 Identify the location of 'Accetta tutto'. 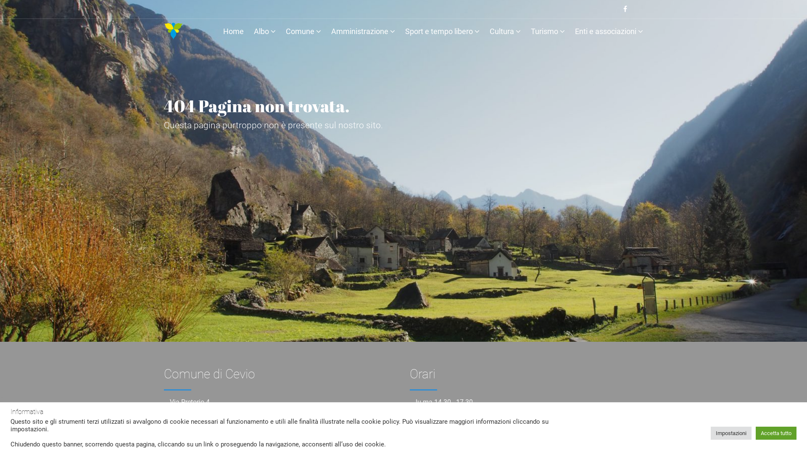
(756, 433).